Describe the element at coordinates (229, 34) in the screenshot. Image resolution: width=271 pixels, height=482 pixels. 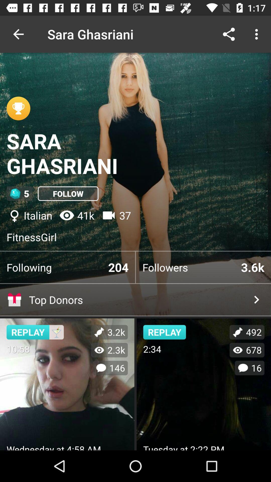
I see `icon to the right of the sara ghasriani icon` at that location.